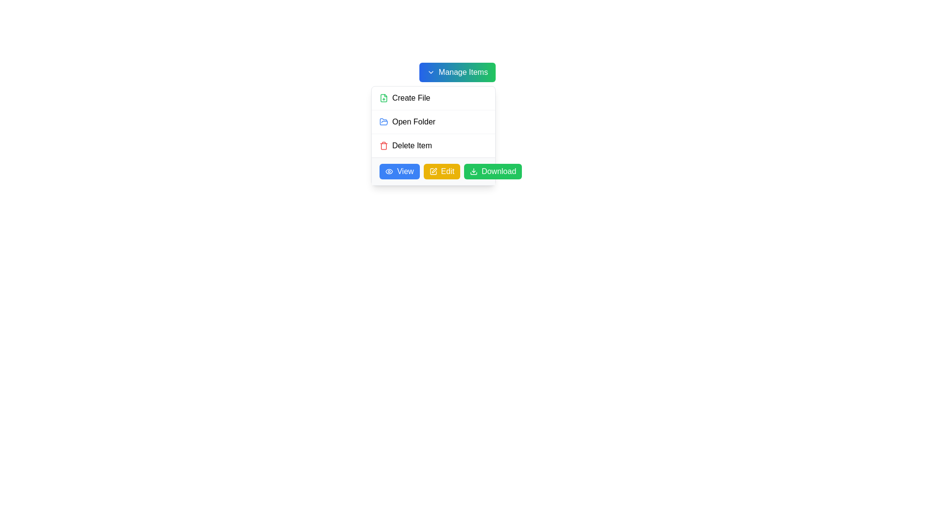 The width and height of the screenshot is (933, 525). Describe the element at coordinates (433, 136) in the screenshot. I see `the 'Delete Item' menu item, which is the third option in the dropdown menu under the 'Manage Items' button, featuring a red trash can icon` at that location.